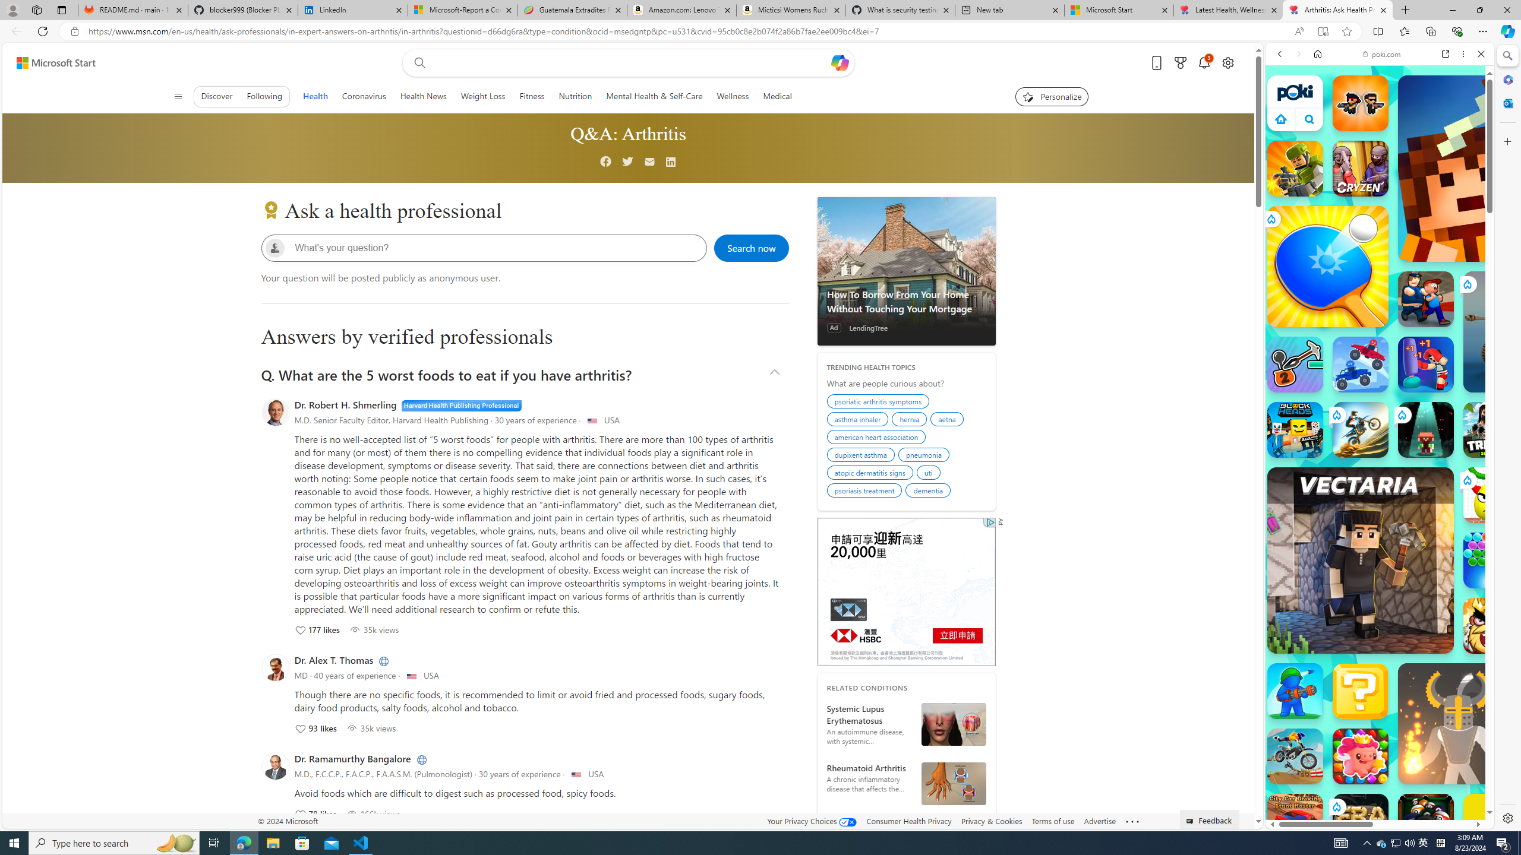  Describe the element at coordinates (1426, 298) in the screenshot. I see `'Escape From School Escape From School'` at that location.